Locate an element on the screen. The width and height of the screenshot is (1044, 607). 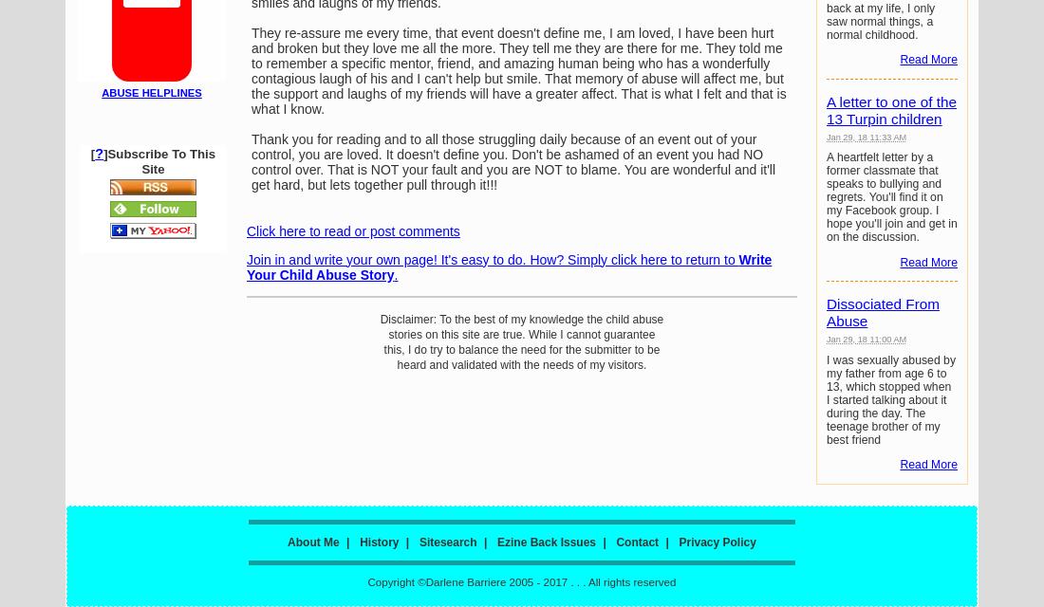
'Contact' is located at coordinates (637, 542).